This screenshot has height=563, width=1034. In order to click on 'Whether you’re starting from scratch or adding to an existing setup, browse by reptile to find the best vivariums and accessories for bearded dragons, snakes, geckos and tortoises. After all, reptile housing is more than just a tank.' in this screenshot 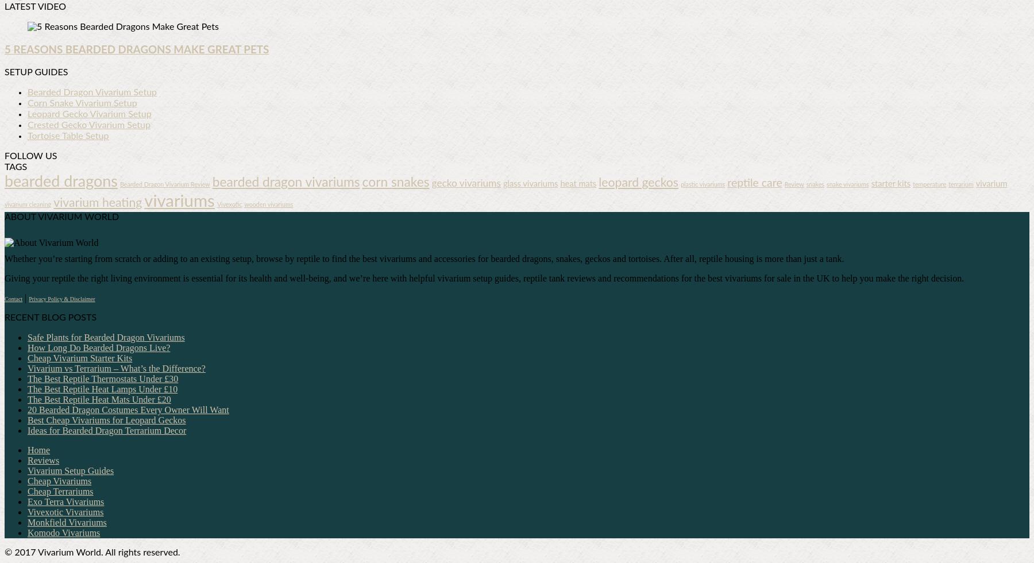, I will do `click(3, 259)`.